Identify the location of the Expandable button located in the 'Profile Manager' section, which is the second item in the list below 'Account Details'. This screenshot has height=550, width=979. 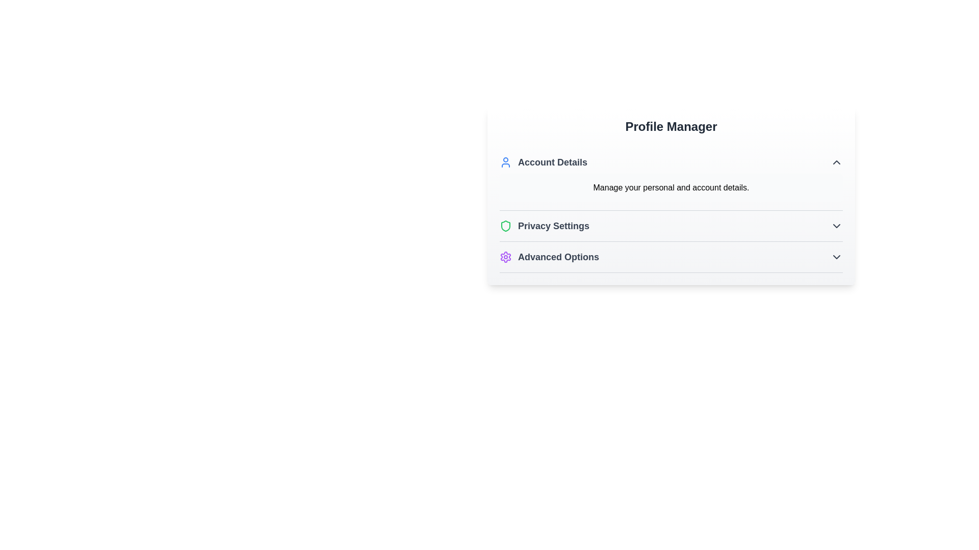
(671, 225).